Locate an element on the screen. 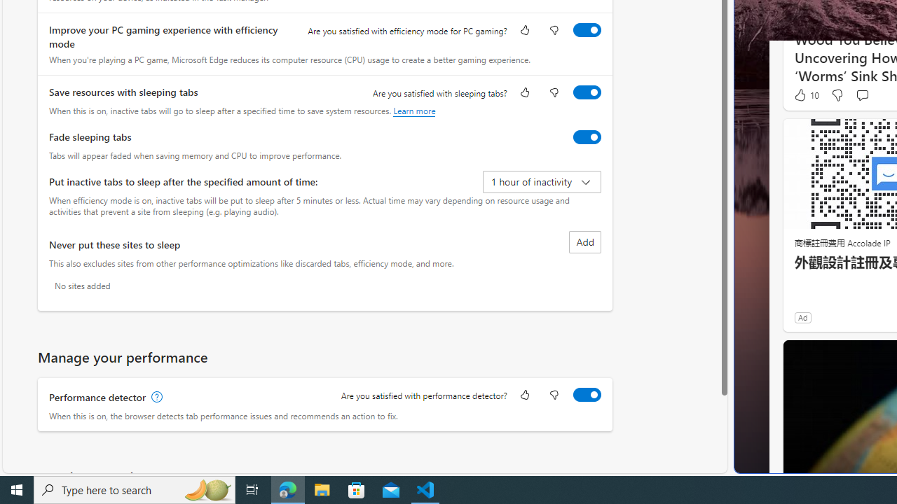  'Learn more' is located at coordinates (413, 110).